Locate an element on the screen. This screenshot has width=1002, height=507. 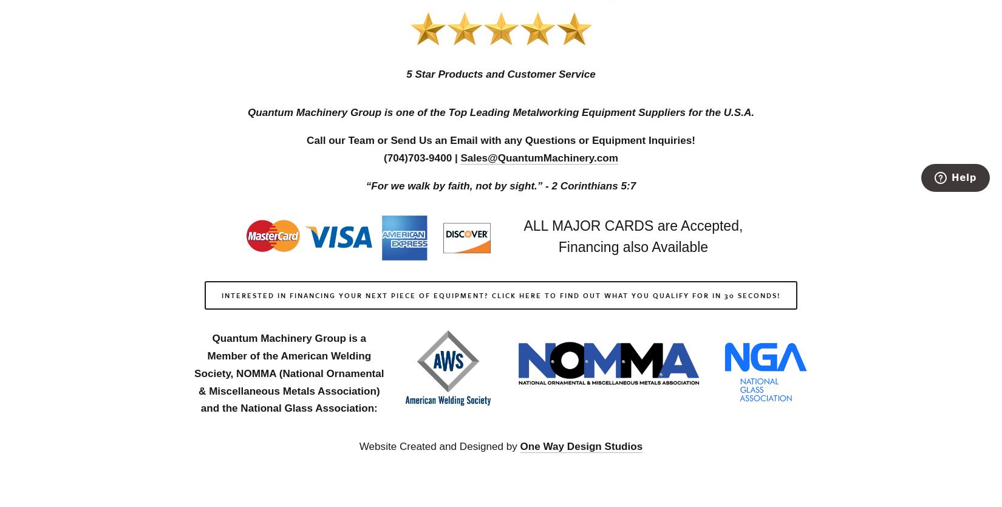
'(704)703-9400 |' is located at coordinates (421, 157).